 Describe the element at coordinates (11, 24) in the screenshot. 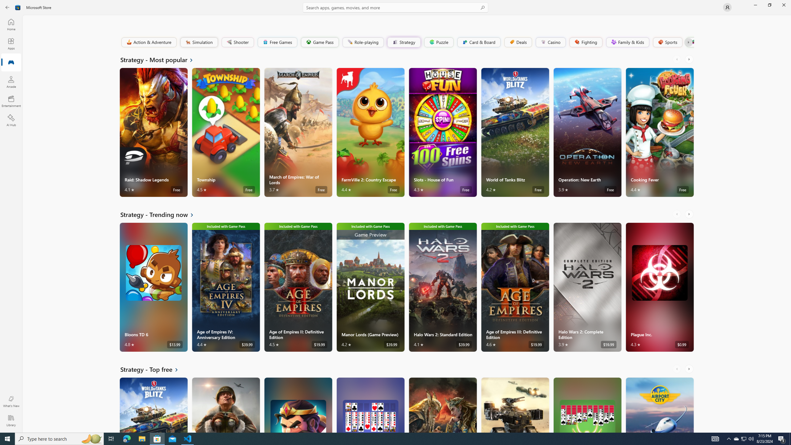

I see `'Home'` at that location.